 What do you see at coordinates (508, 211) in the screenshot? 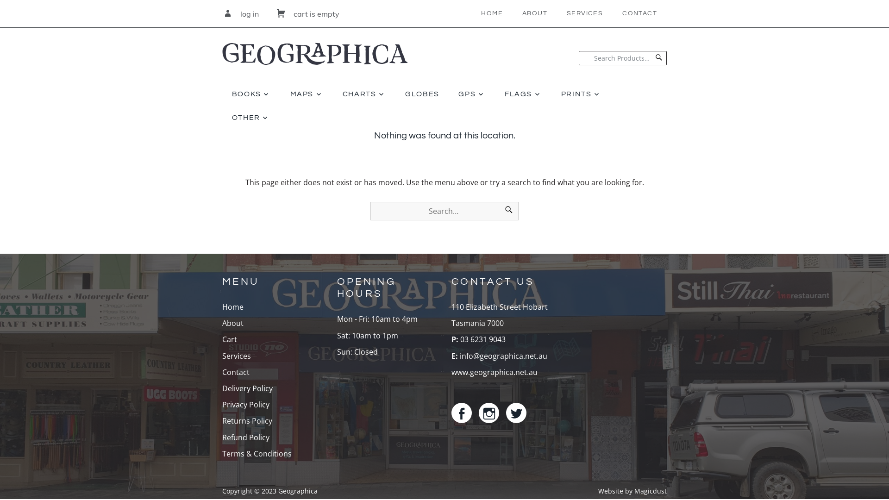
I see `'Search'` at bounding box center [508, 211].